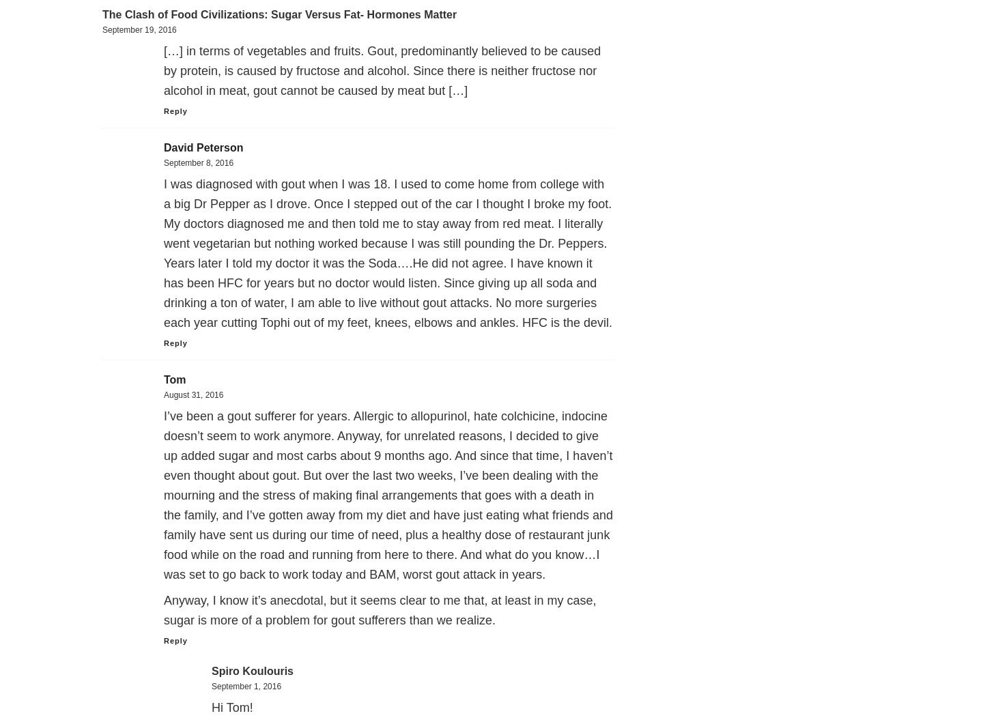  I want to click on 'Hi Tom!', so click(231, 706).